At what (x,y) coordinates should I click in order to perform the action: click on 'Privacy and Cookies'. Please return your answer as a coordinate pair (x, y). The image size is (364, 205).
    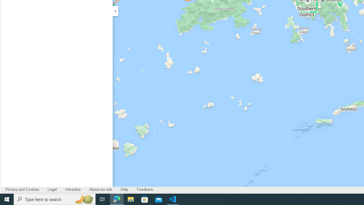
    Looking at the image, I should click on (22, 190).